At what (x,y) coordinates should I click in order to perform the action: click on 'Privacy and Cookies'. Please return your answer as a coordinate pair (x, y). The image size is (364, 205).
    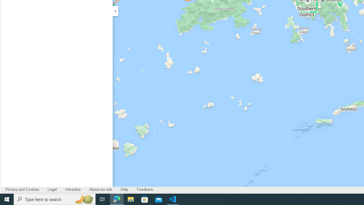
    Looking at the image, I should click on (22, 190).